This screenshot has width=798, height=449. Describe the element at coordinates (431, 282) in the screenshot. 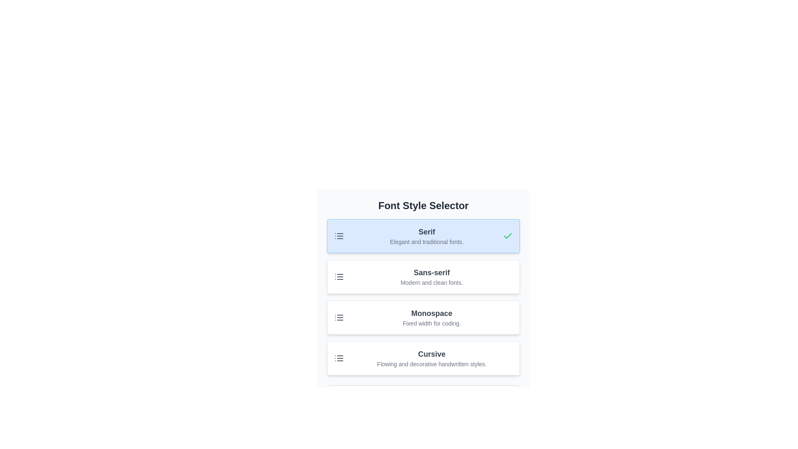

I see `the descriptive text label for the 'Sans-serif' font style option, which highlights its features as modern and clean, located in the second list entry of the font selector` at that location.